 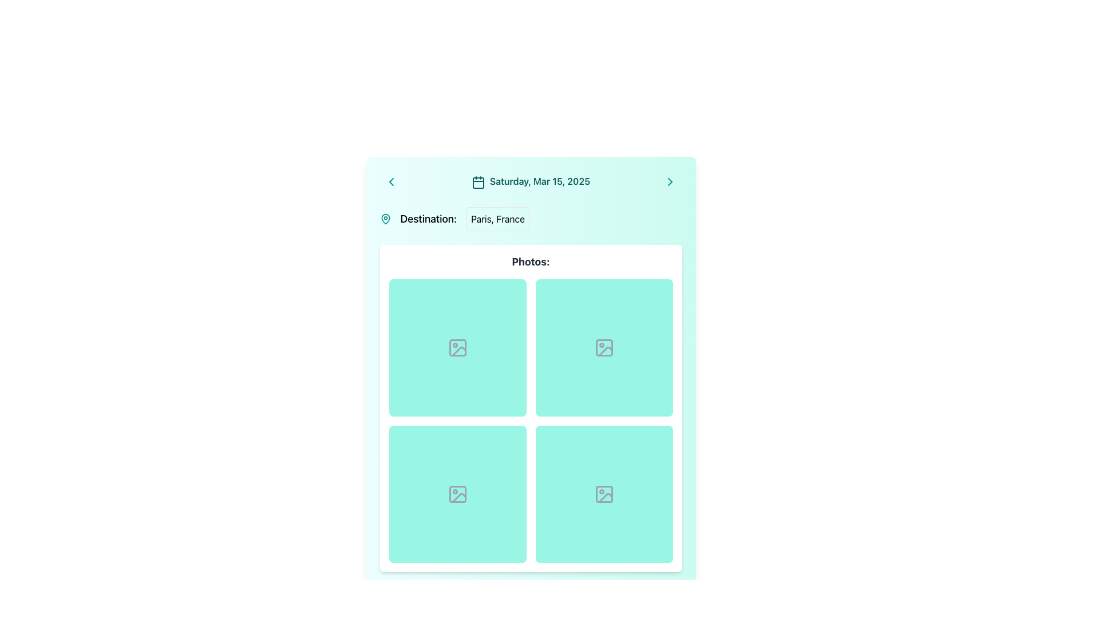 I want to click on the navigational button located in the top-right corner of the interface to advance to the next page or section, so click(x=670, y=181).